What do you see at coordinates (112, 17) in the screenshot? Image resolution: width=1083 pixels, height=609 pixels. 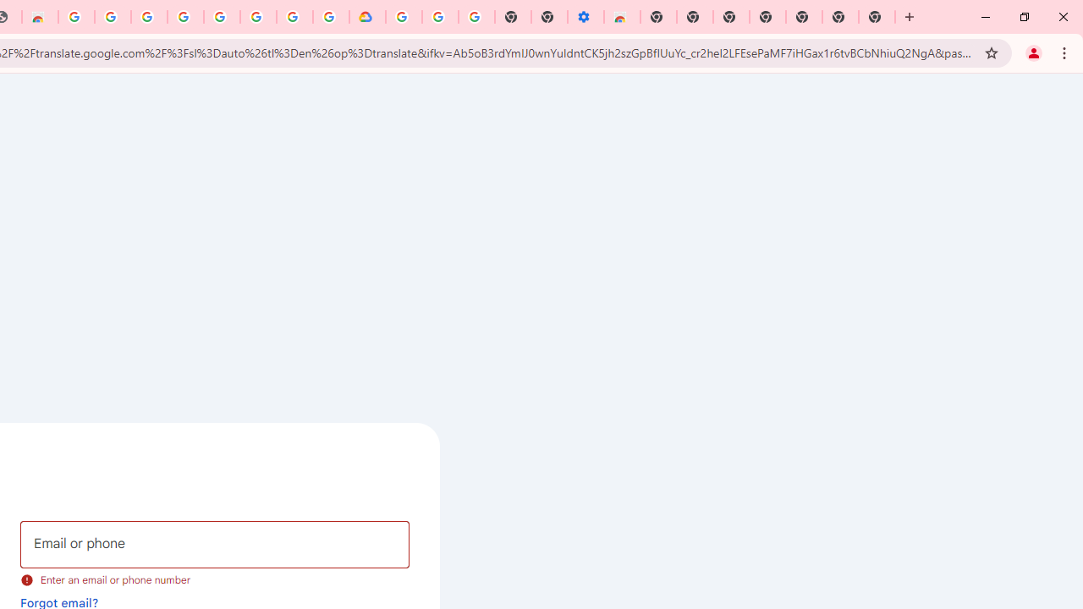 I see `'Ad Settings'` at bounding box center [112, 17].